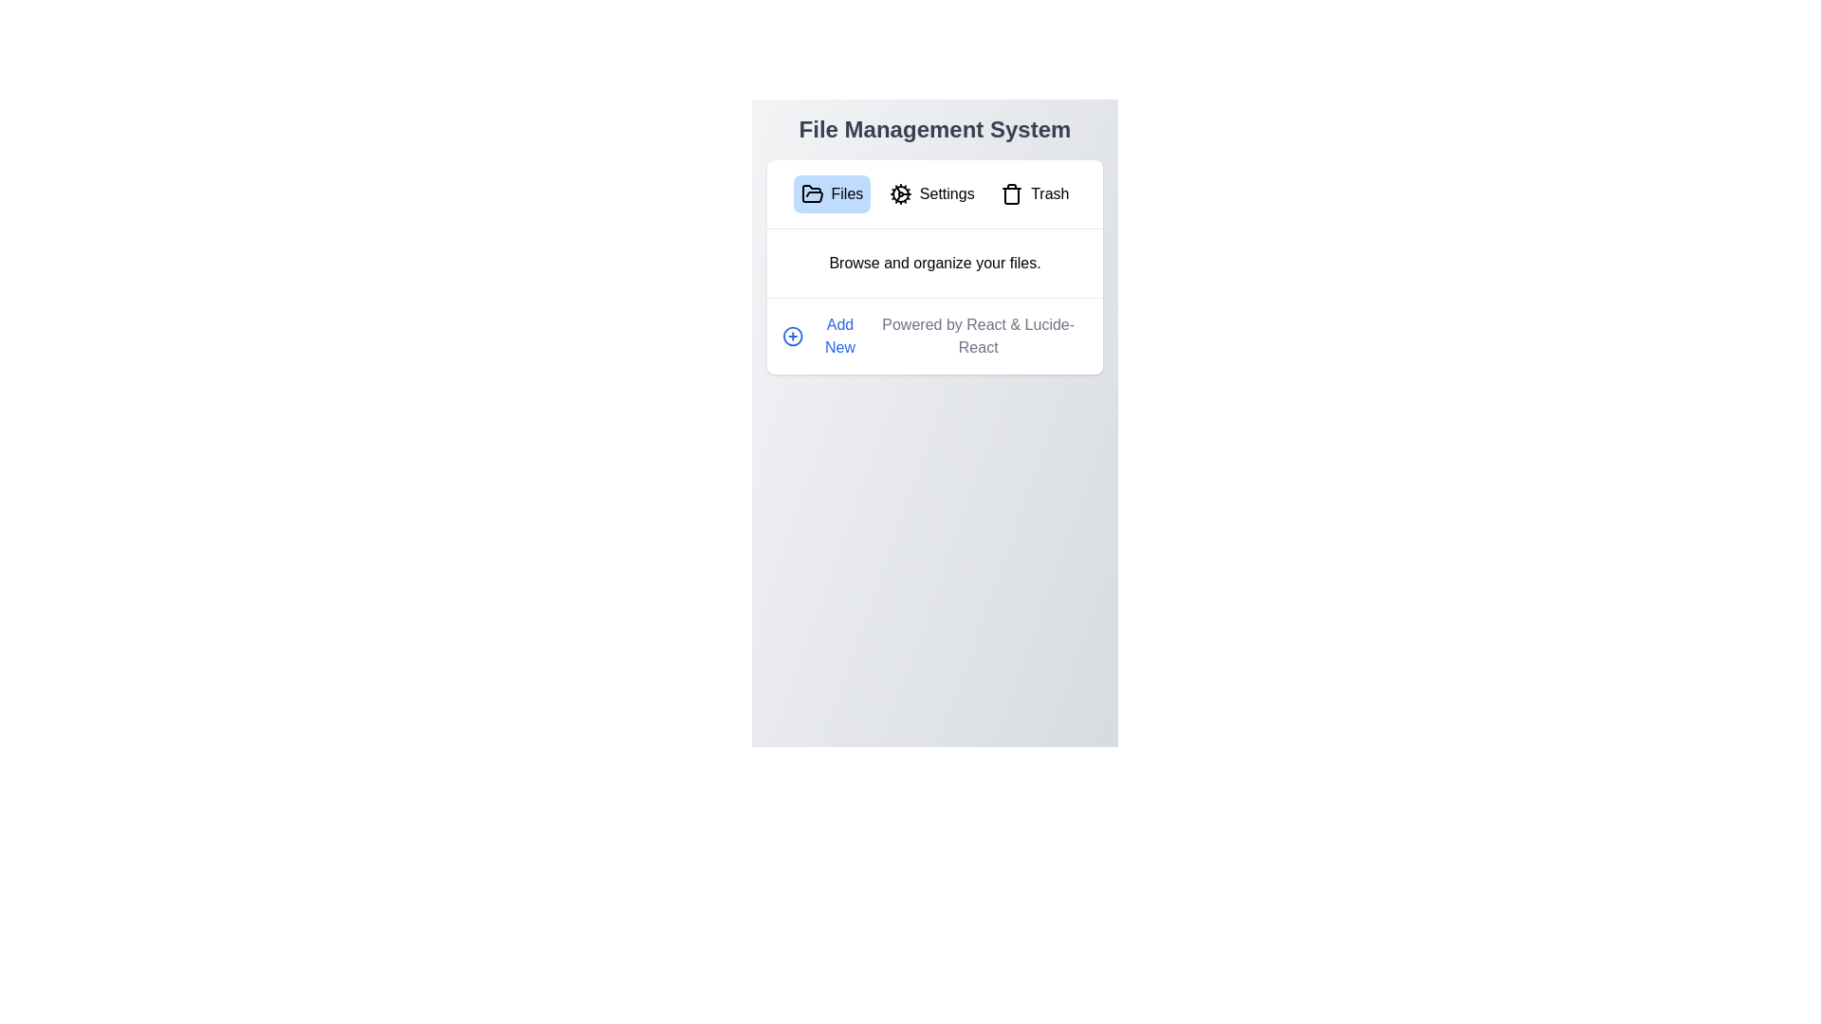 The width and height of the screenshot is (1821, 1024). I want to click on the 'Add New' button to initiate the addition of a new item, so click(824, 335).